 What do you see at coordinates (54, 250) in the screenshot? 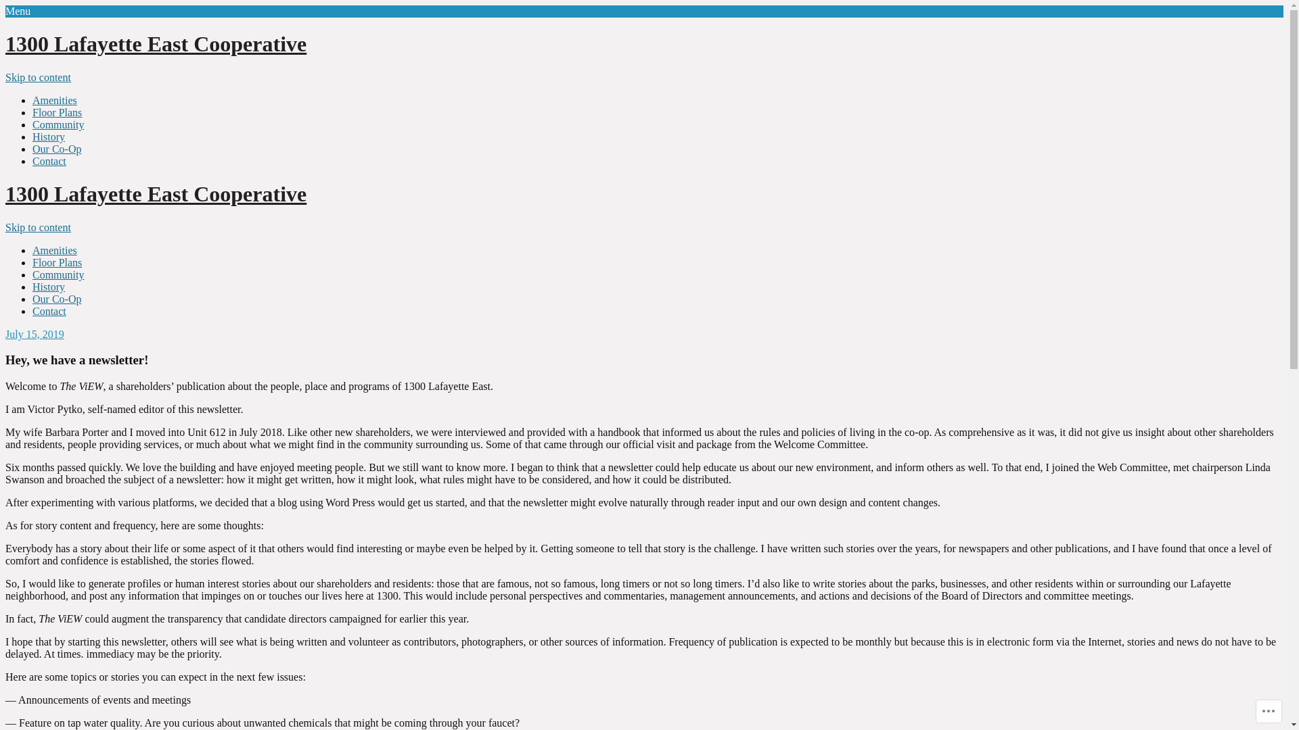
I see `'Amenities'` at bounding box center [54, 250].